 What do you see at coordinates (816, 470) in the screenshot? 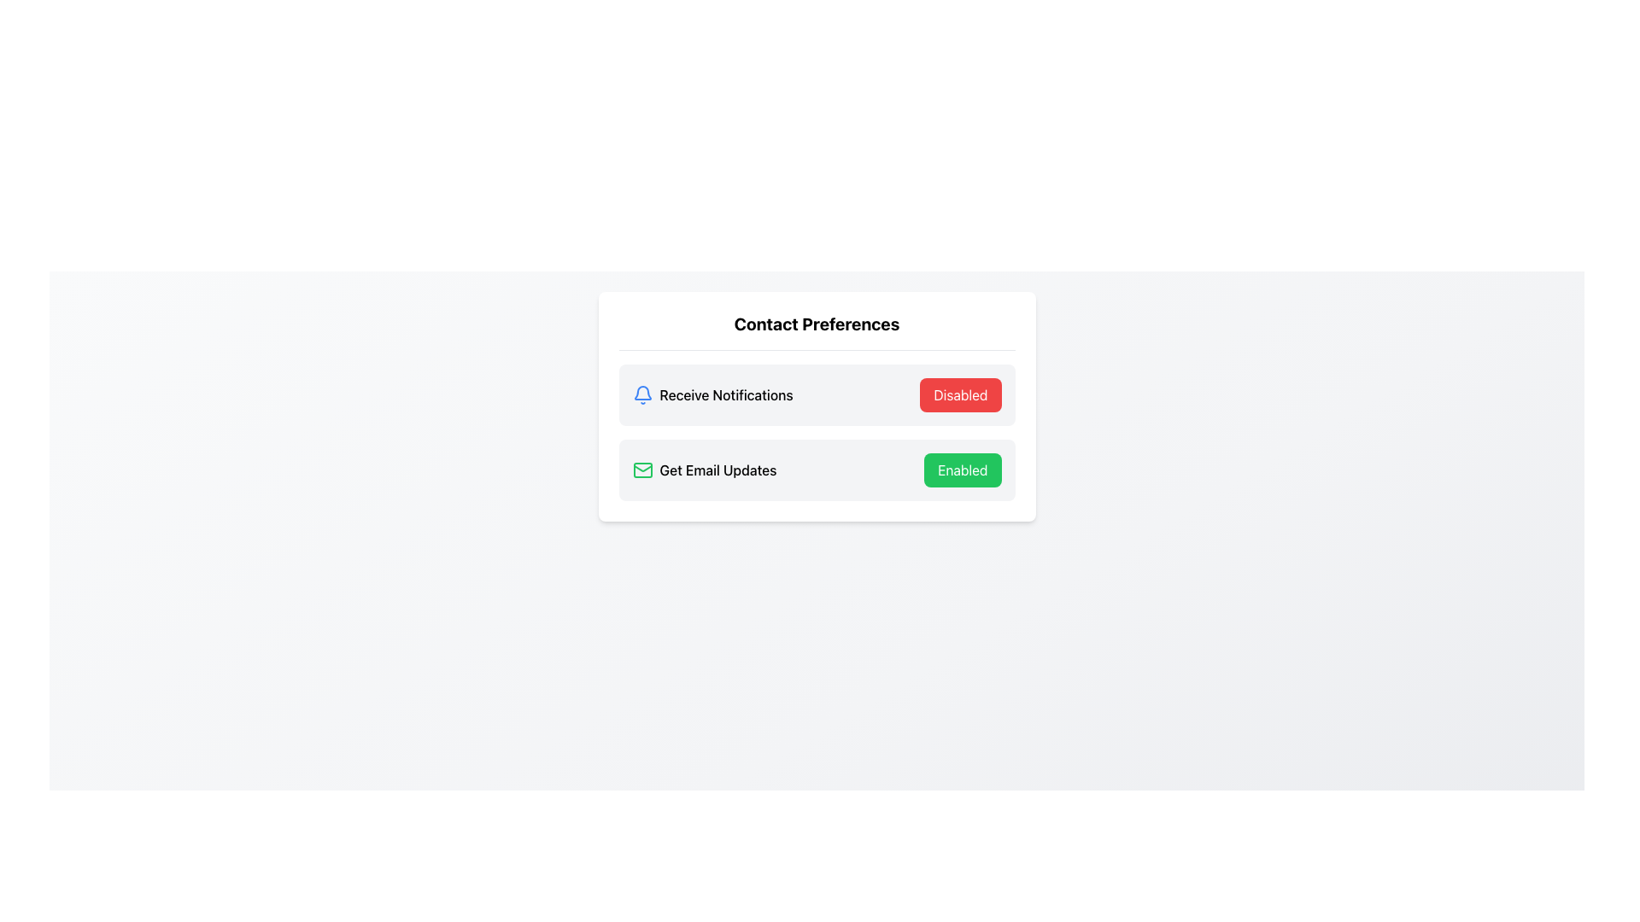
I see `the 'Enabled' button in the Interactive Card Row under 'Contact Preferences'` at bounding box center [816, 470].